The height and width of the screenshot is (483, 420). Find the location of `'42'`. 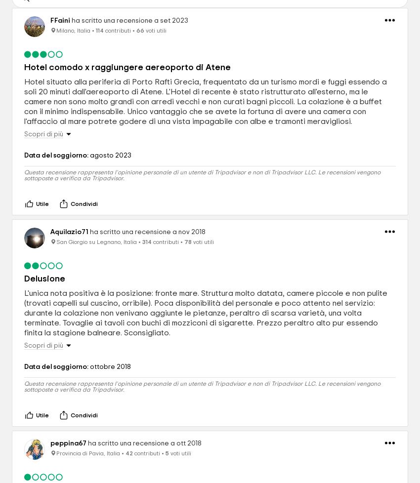

'42' is located at coordinates (128, 453).